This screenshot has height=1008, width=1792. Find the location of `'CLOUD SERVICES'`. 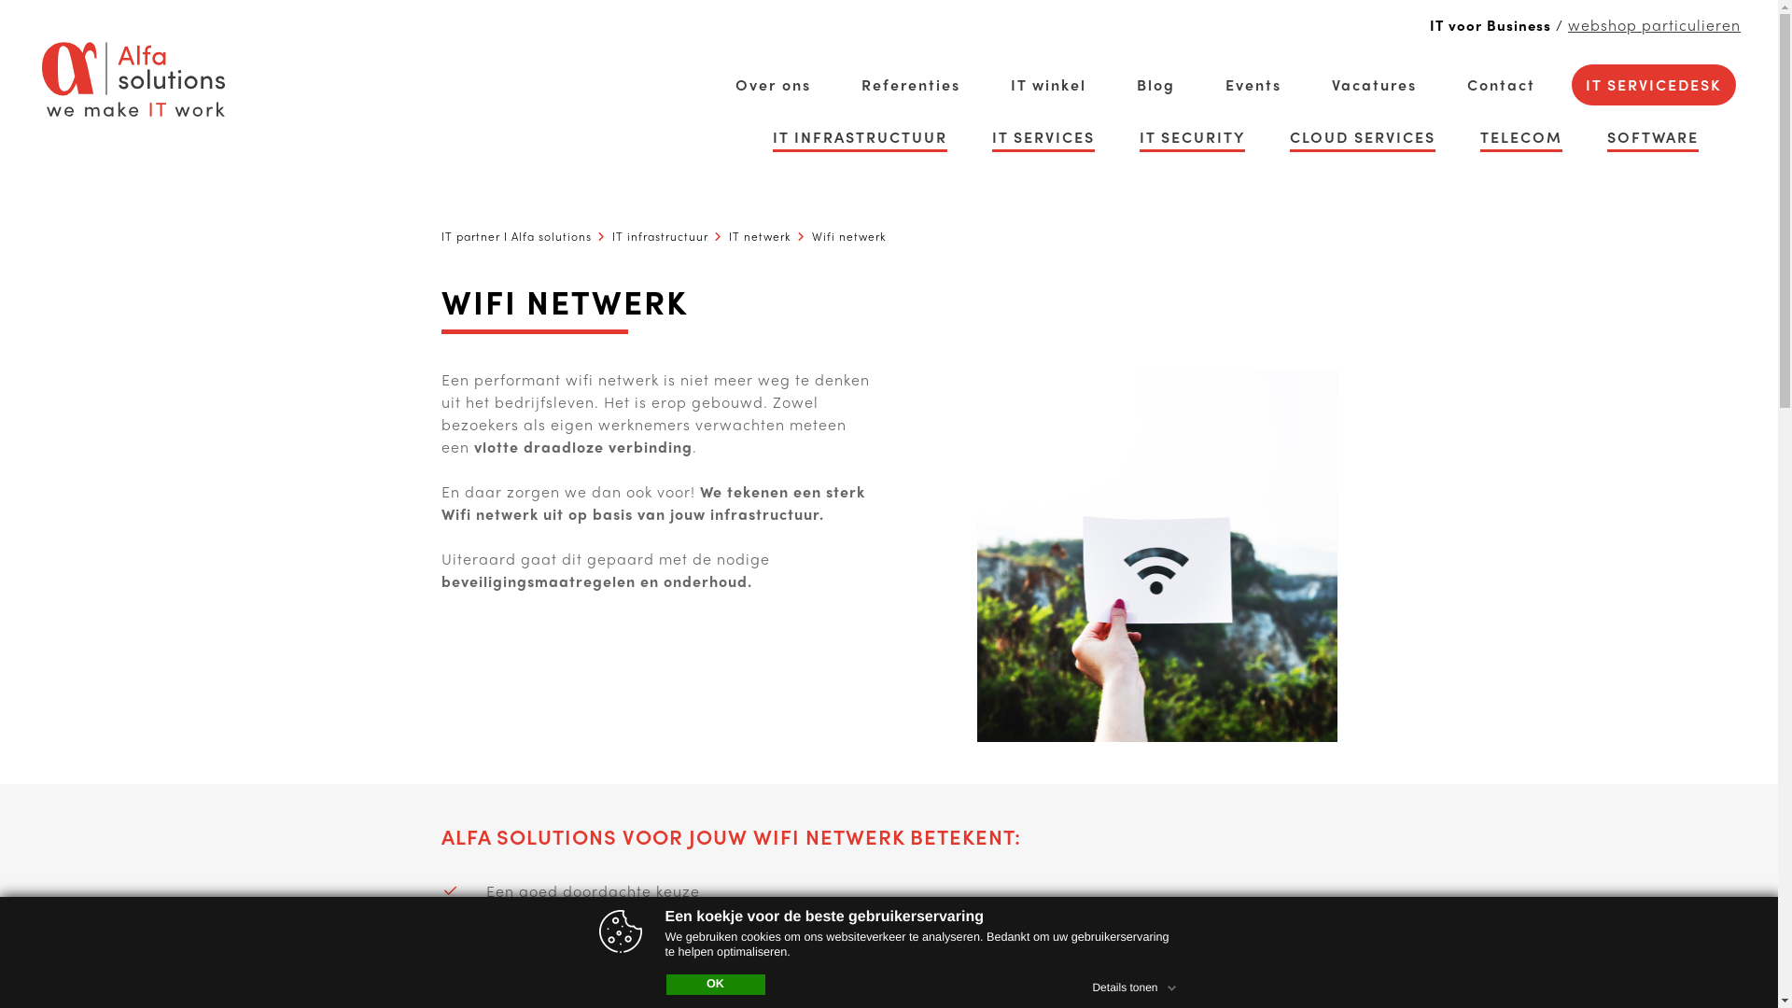

'CLOUD SERVICES' is located at coordinates (1362, 135).